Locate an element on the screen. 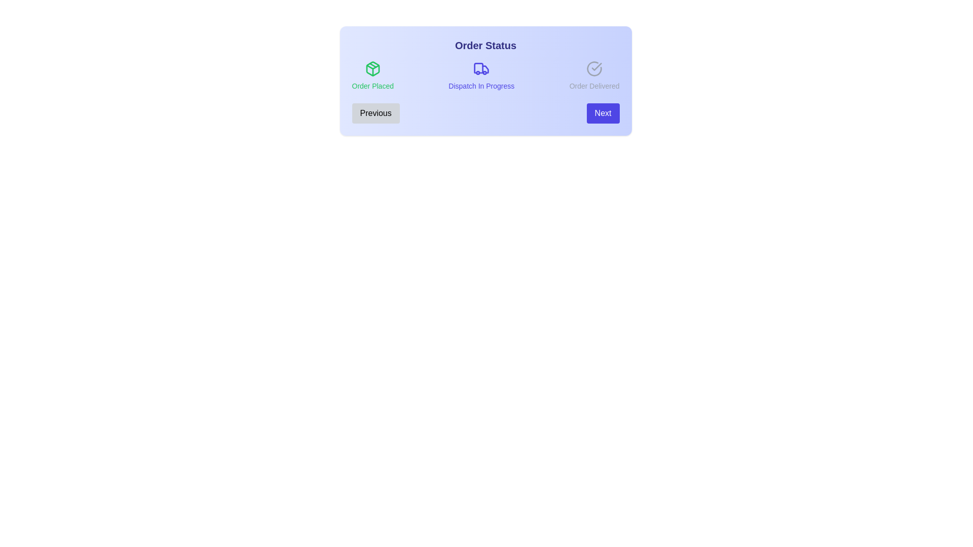  the decorative vector graphic element of the package icon, which indicates completion in the 'Order Status' progress tracker is located at coordinates (372, 67).